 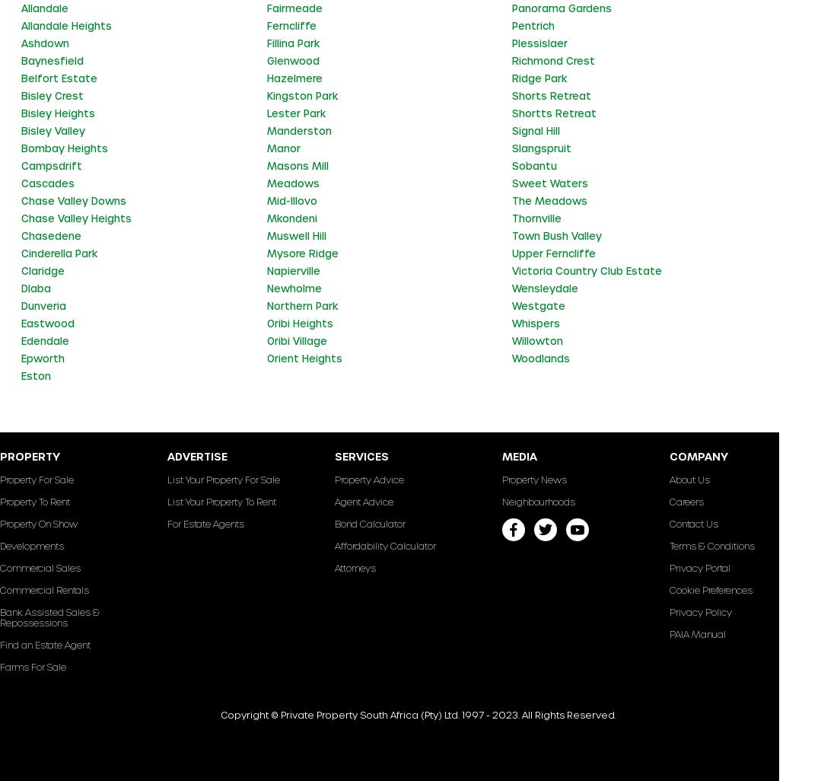 I want to click on 'Masons Mill', so click(x=266, y=164).